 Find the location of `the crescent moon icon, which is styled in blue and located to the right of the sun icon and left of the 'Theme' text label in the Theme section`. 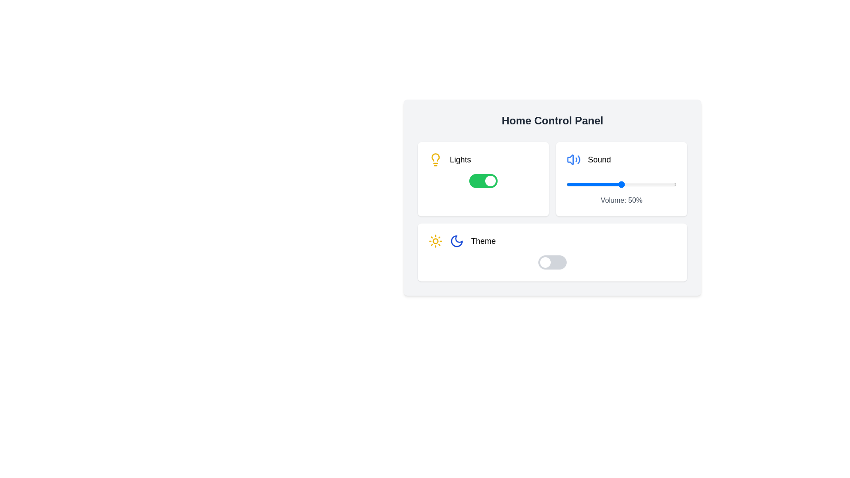

the crescent moon icon, which is styled in blue and located to the right of the sun icon and left of the 'Theme' text label in the Theme section is located at coordinates (457, 241).